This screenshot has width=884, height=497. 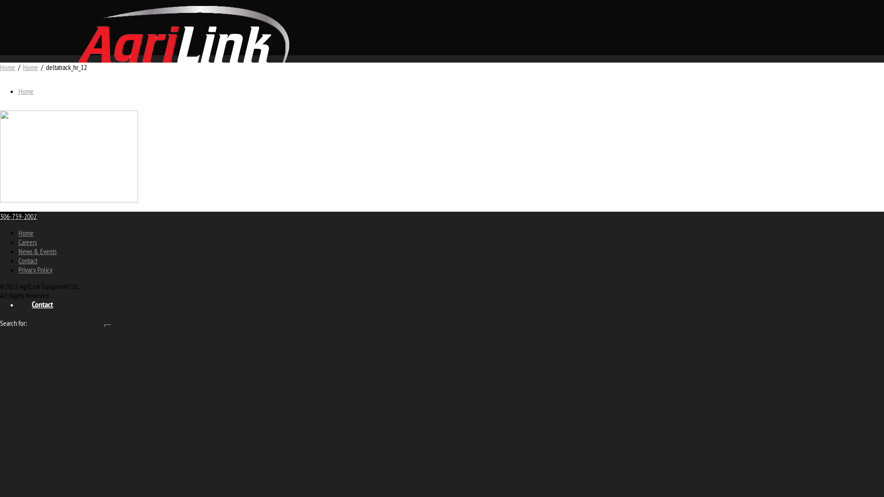 I want to click on 'Privacy Policy', so click(x=35, y=269).